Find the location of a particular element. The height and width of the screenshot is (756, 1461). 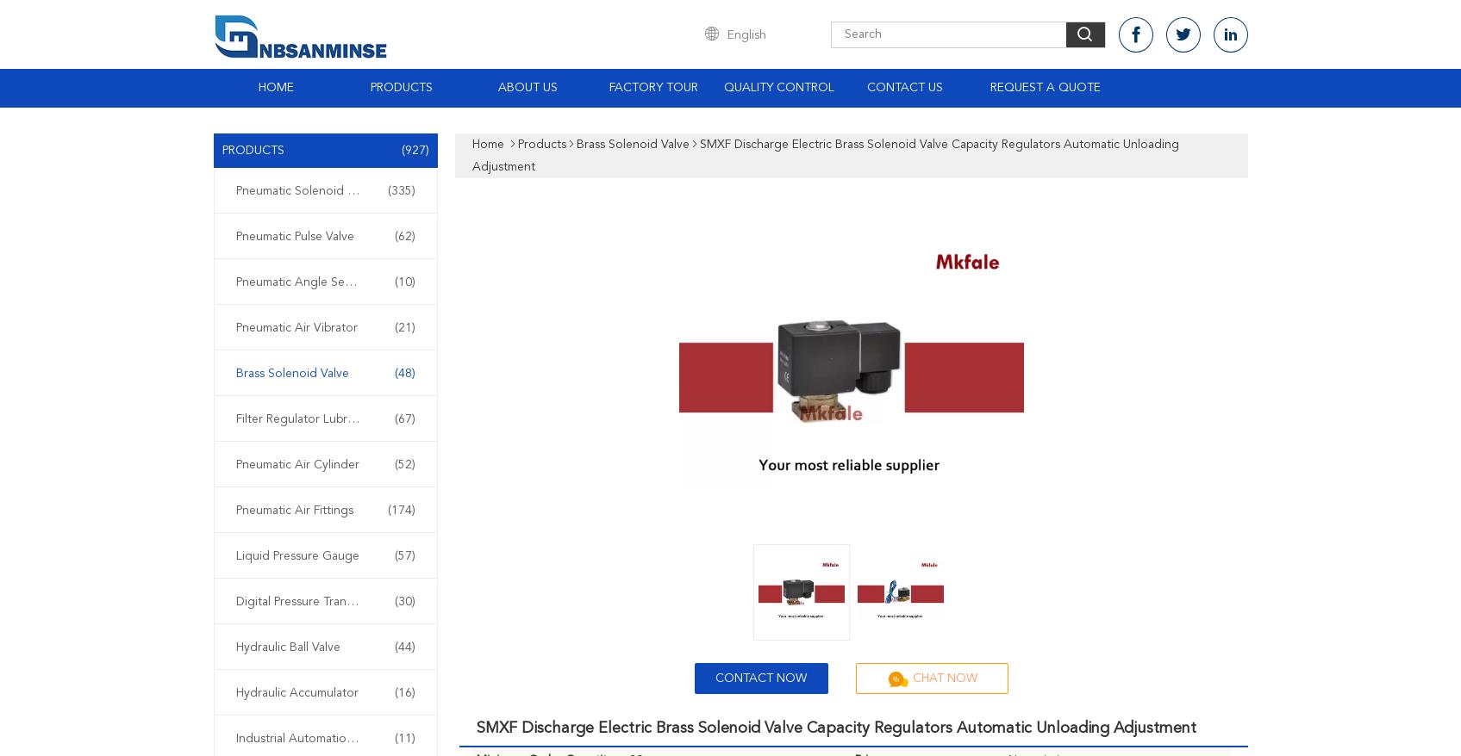

'Industrial Automation Solutions' is located at coordinates (320, 738).